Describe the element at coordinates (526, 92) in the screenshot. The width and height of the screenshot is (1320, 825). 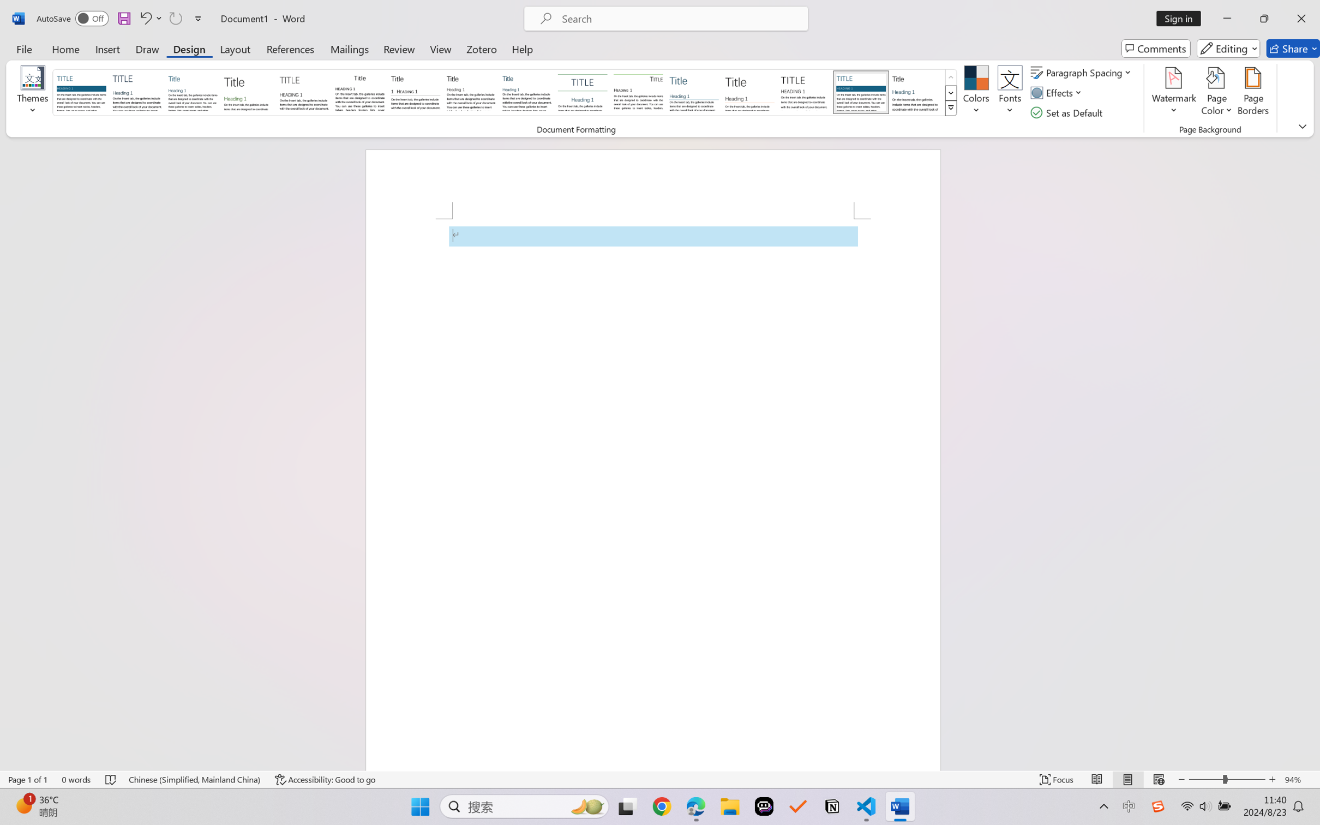
I see `'Casual'` at that location.